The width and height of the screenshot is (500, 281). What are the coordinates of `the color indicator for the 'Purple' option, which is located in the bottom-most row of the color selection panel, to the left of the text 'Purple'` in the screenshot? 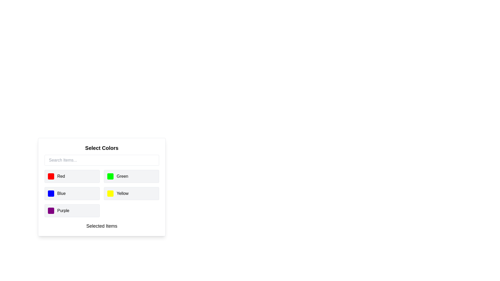 It's located at (51, 211).